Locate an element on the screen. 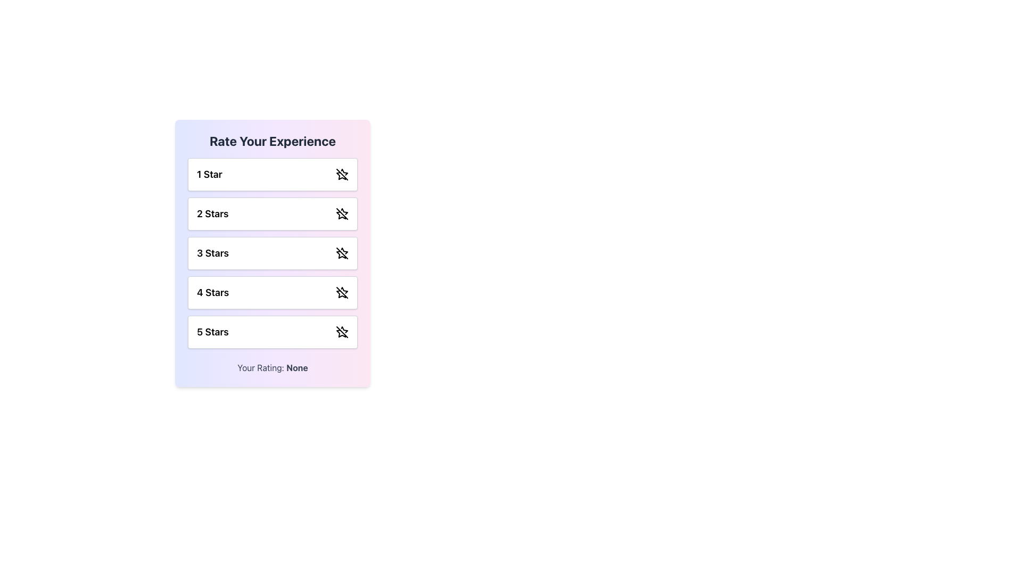  the '1 Star' rating button located at the top of the vertical list under 'Rate Your Experience' to observe the scaling effect is located at coordinates (273, 174).